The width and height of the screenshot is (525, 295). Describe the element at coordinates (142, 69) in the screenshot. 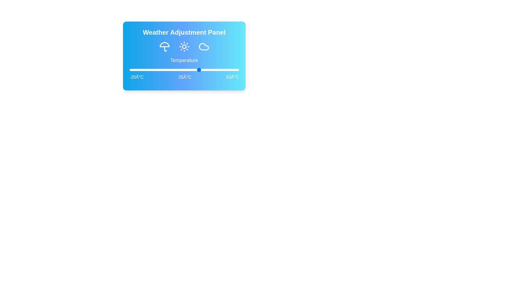

I see `the temperature slider to -12°C` at that location.